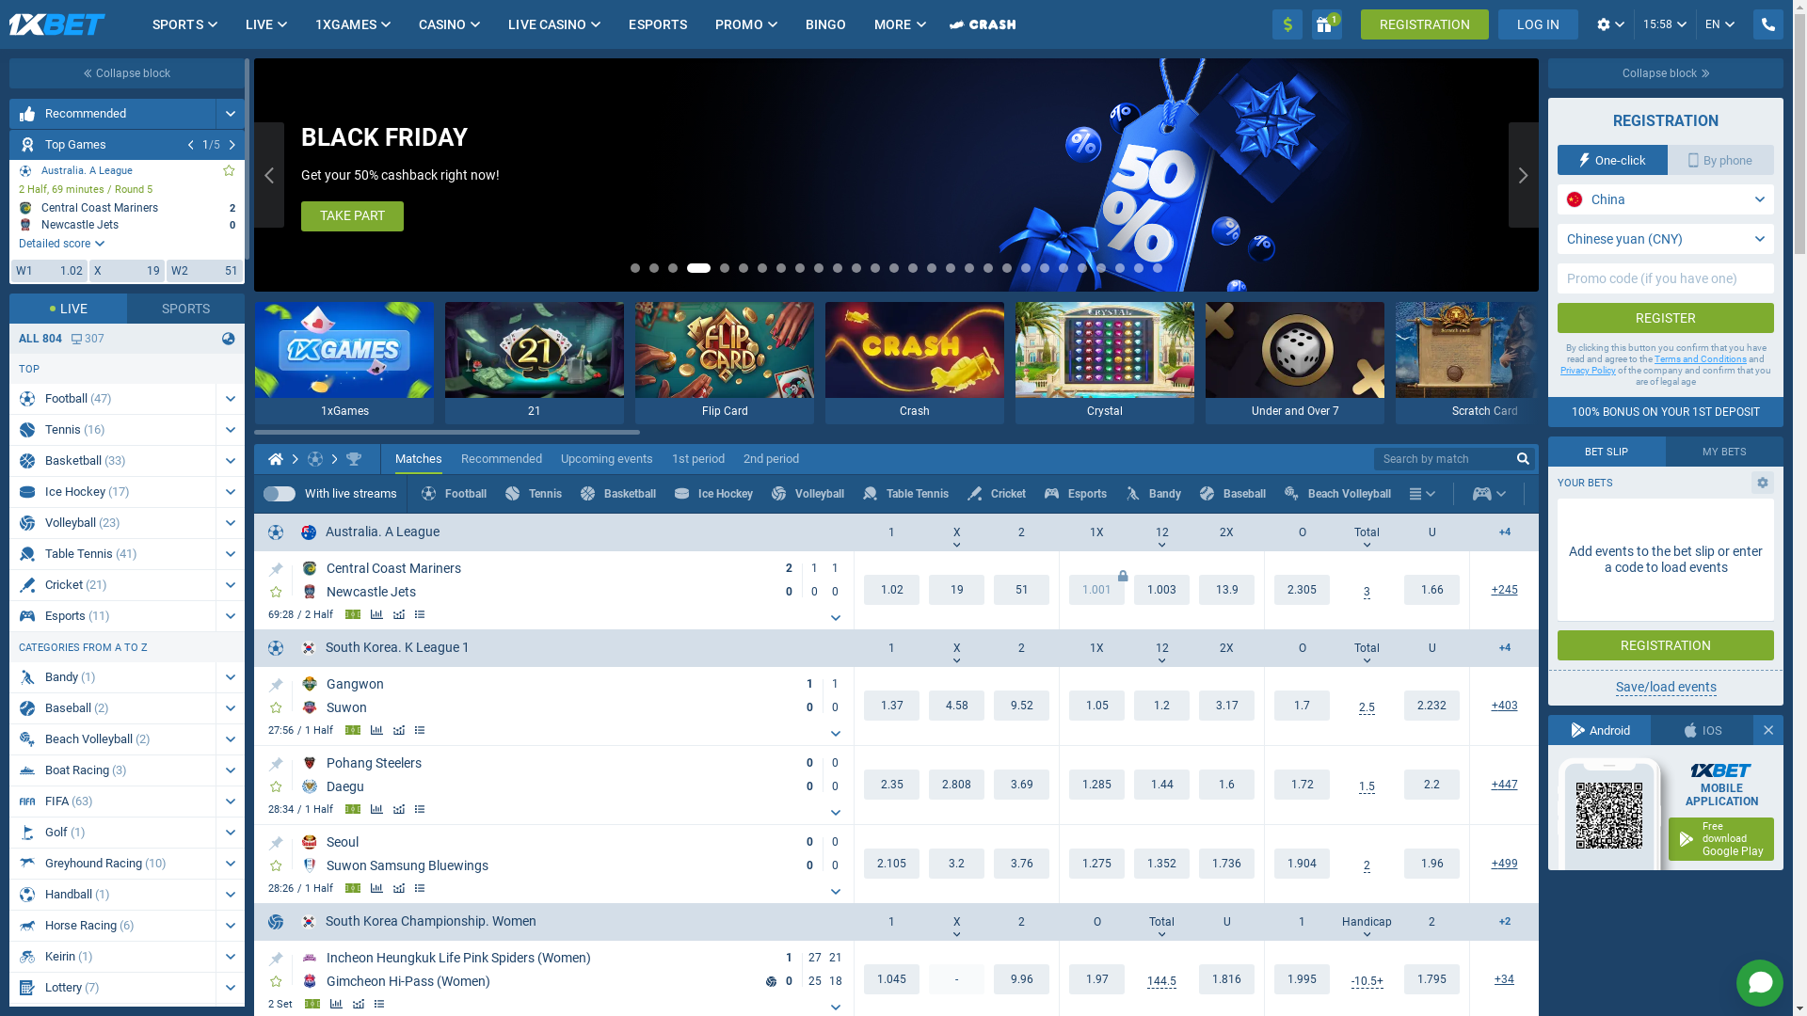  I want to click on 'W2, so click(204, 271).